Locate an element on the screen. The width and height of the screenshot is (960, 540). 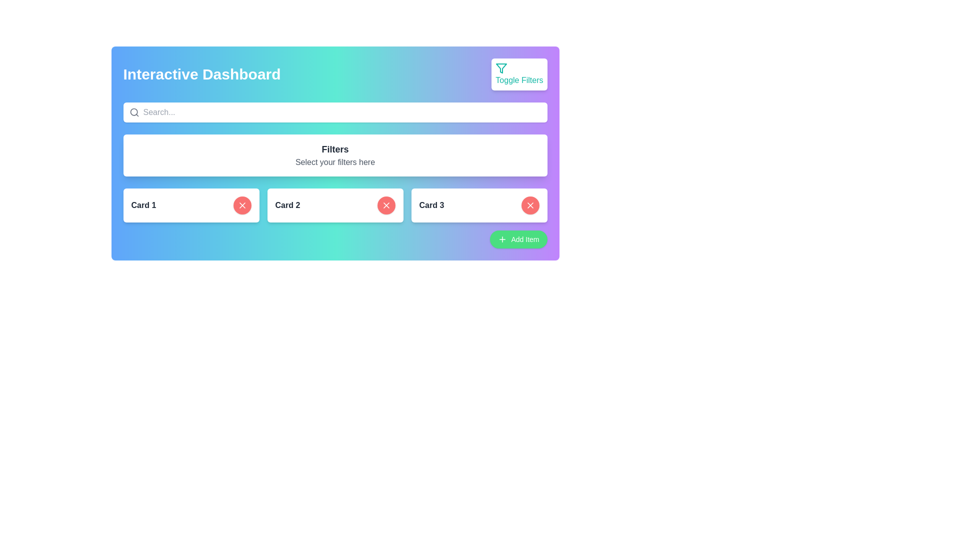
the 'Filters' text label displayed in bold font and larger size, which is located at the top-center of the white card component on the dashboard is located at coordinates (335, 149).